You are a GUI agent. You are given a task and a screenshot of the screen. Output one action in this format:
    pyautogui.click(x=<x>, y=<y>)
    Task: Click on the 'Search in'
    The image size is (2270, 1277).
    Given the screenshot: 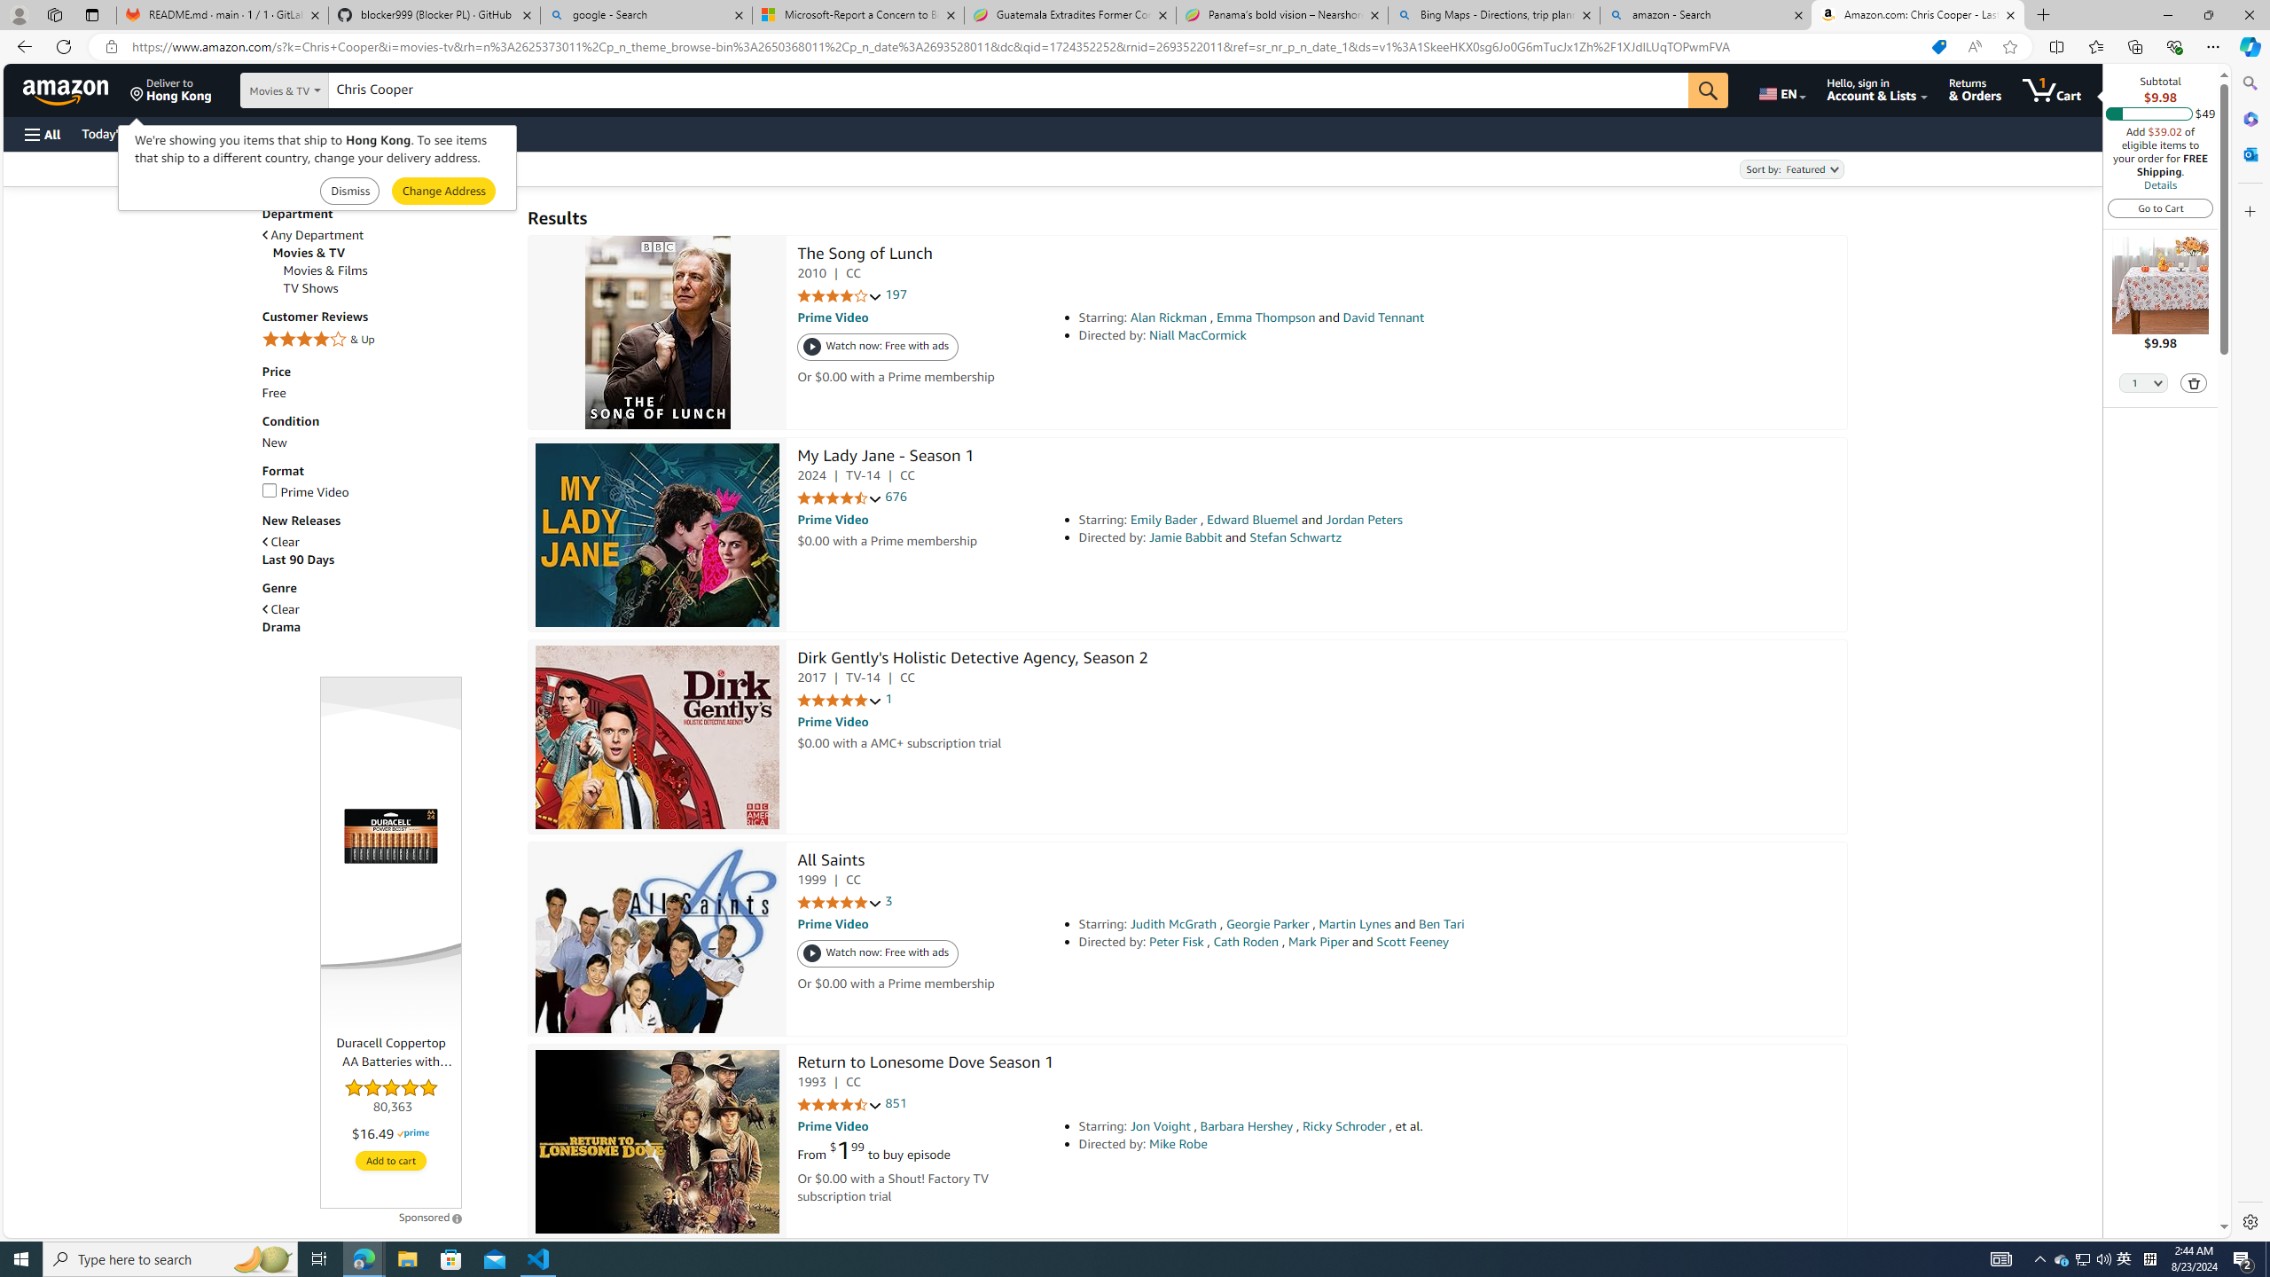 What is the action you would take?
    pyautogui.click(x=328, y=90)
    